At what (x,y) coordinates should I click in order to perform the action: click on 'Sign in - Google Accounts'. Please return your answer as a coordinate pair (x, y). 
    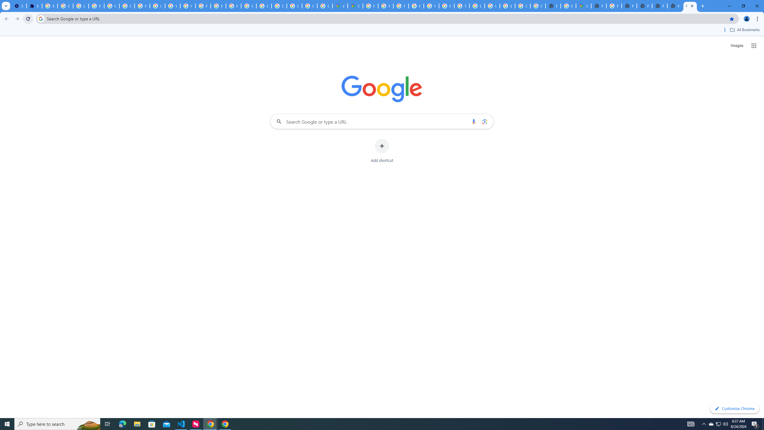
    Looking at the image, I should click on (50, 6).